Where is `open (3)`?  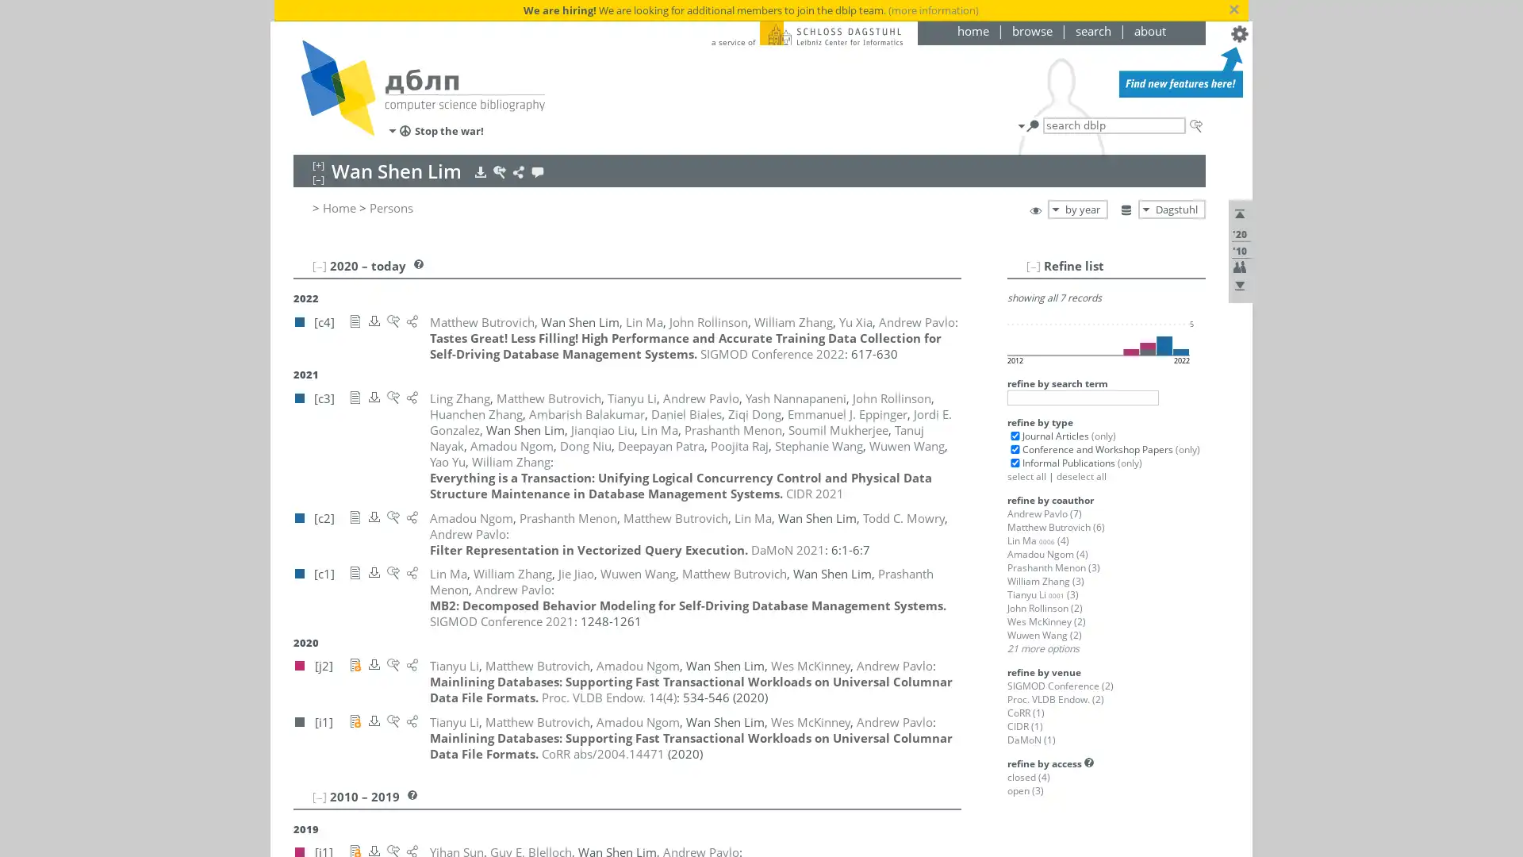
open (3) is located at coordinates (1025, 790).